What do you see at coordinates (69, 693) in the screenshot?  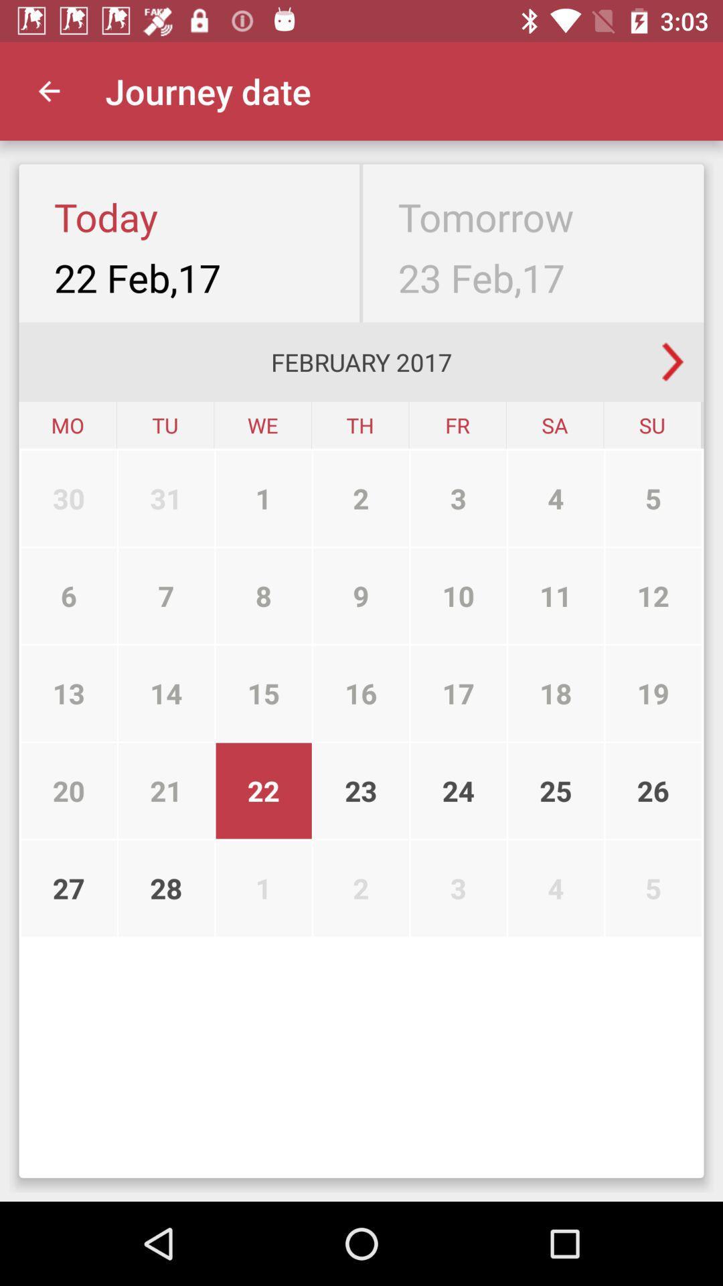 I see `item below 6 item` at bounding box center [69, 693].